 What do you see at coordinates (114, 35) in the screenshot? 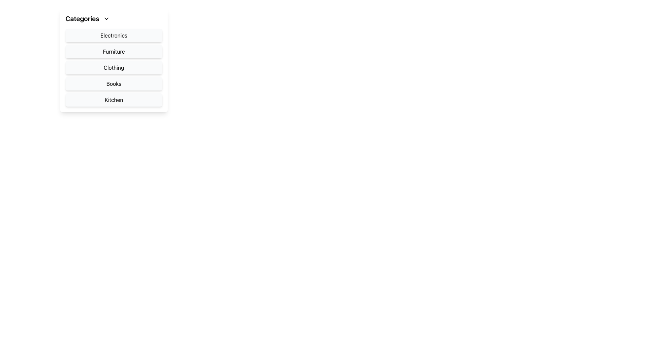
I see `the first button under the 'Categories' heading` at bounding box center [114, 35].